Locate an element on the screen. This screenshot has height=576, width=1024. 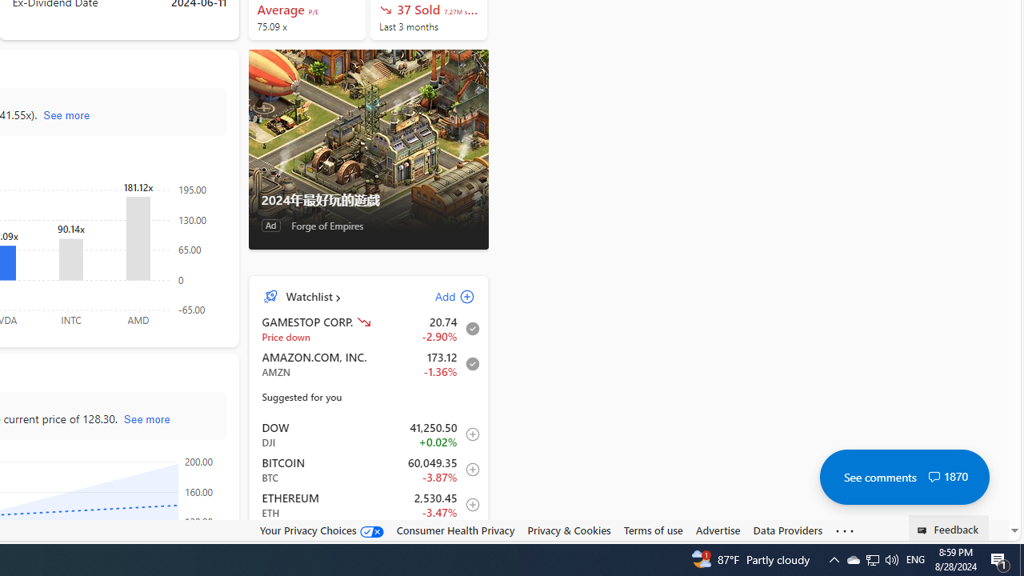
'Consumer Health Privacy' is located at coordinates (454, 530).